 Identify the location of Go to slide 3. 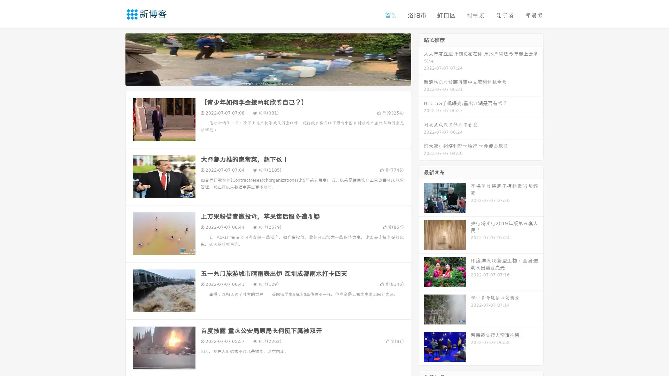
(275, 78).